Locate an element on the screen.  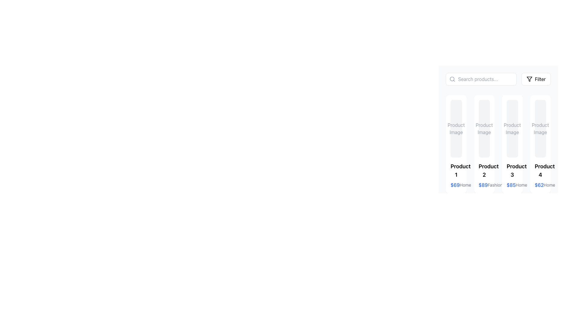
the text label displaying 'Product Image' located in the fourth column of the product details grid is located at coordinates (540, 128).